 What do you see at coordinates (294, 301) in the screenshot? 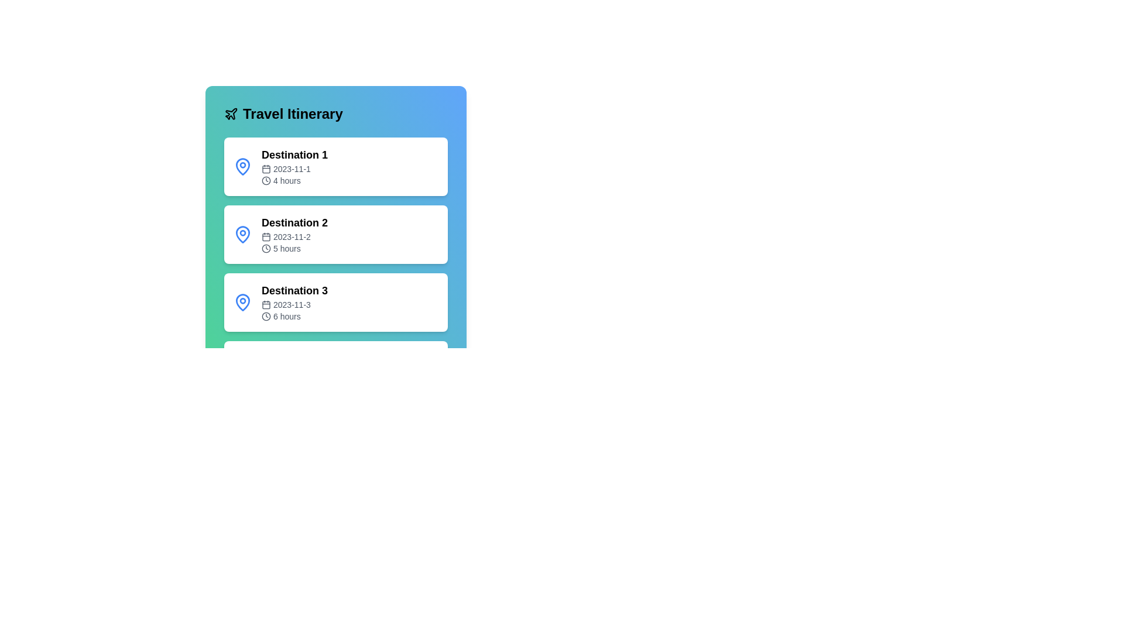
I see `the third card in the vertically stacked list of informative cards that represents a specific destination in the itinerary` at bounding box center [294, 301].